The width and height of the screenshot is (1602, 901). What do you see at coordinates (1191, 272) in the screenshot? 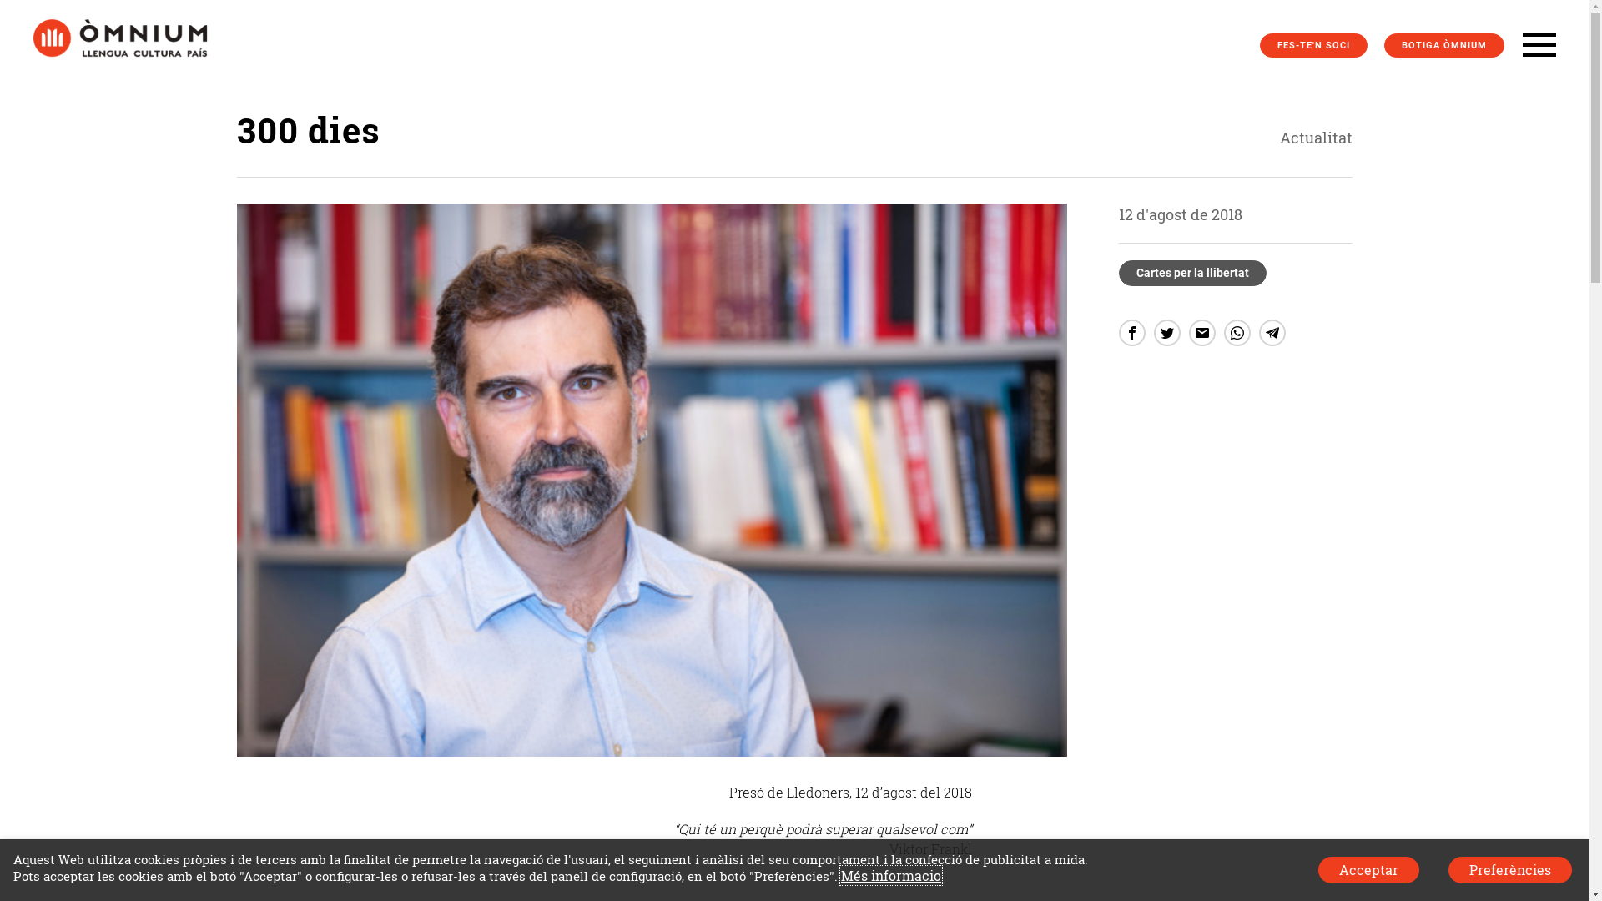
I see `'Cartes per la llibertat'` at bounding box center [1191, 272].